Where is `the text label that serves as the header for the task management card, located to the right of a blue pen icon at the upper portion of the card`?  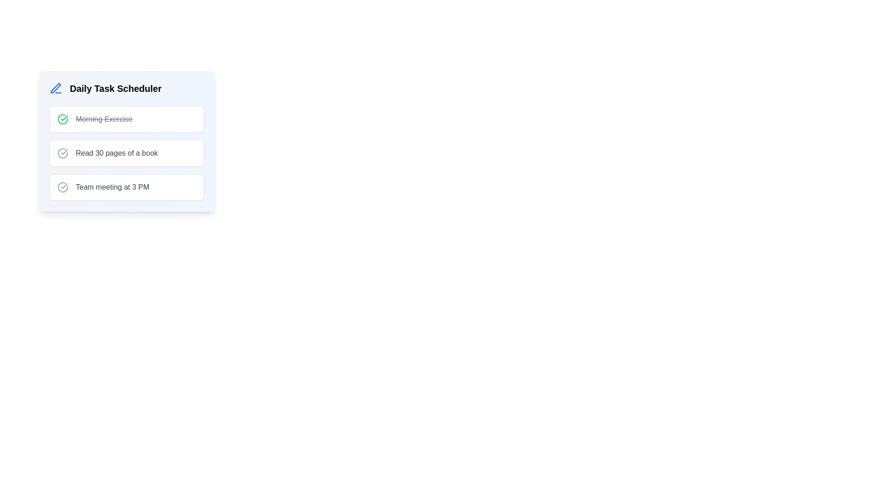 the text label that serves as the header for the task management card, located to the right of a blue pen icon at the upper portion of the card is located at coordinates (115, 88).